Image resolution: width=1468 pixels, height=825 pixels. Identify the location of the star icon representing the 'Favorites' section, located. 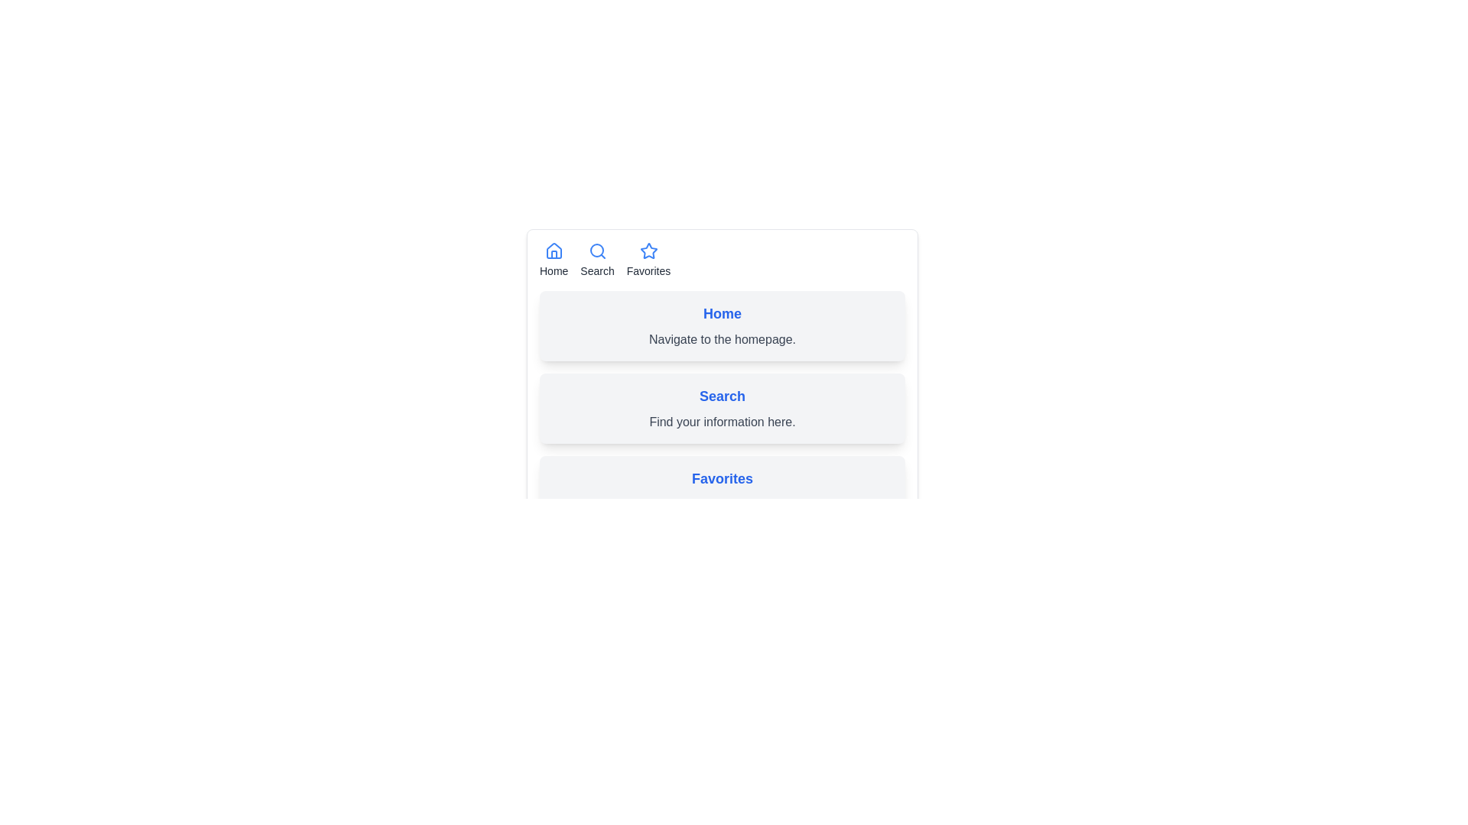
(648, 250).